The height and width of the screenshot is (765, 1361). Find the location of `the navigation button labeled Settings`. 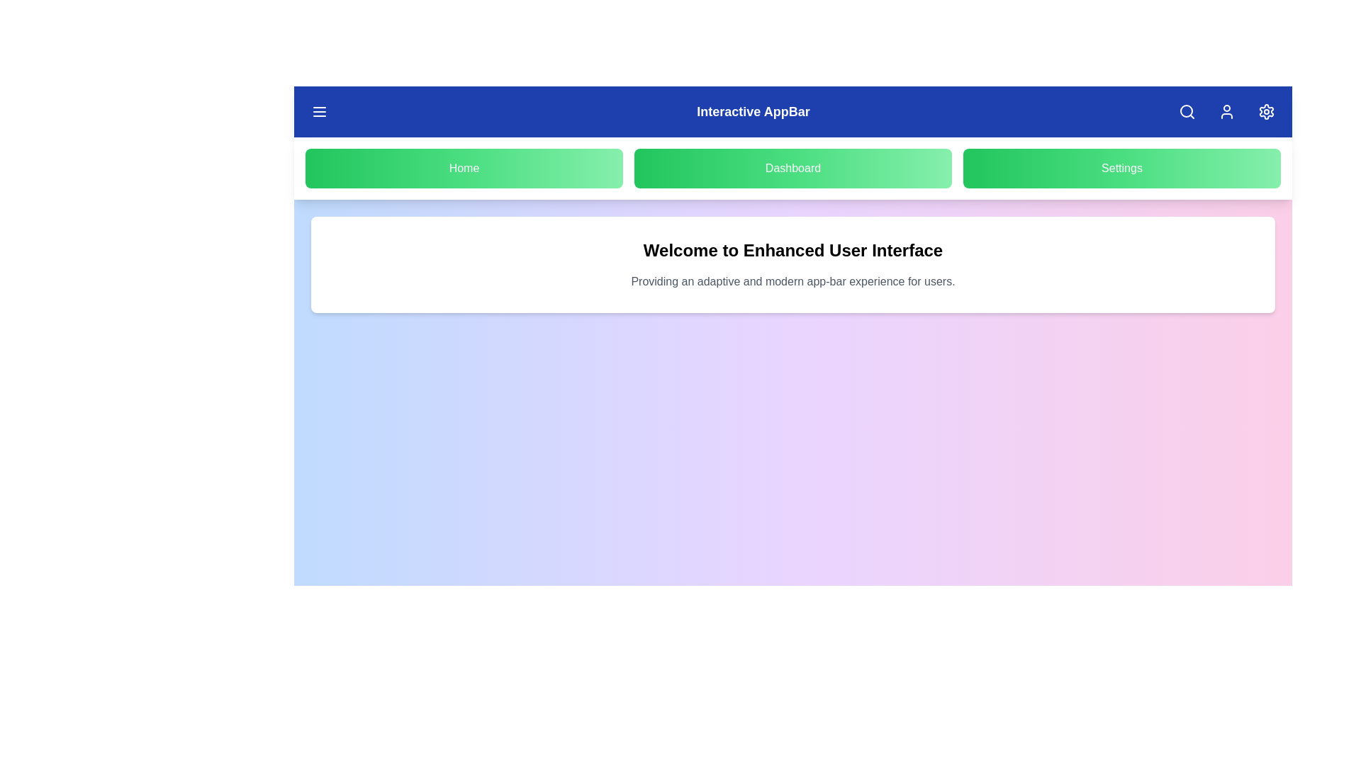

the navigation button labeled Settings is located at coordinates (1121, 168).